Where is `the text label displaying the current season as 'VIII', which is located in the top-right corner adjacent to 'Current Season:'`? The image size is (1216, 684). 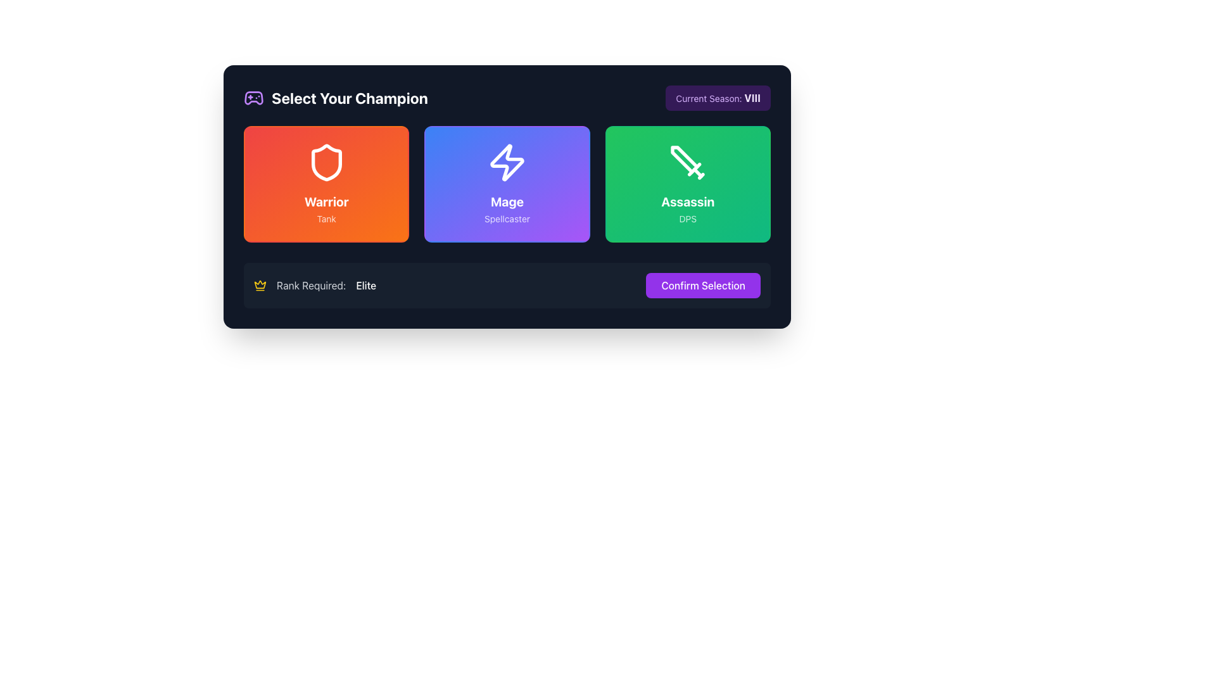
the text label displaying the current season as 'VIII', which is located in the top-right corner adjacent to 'Current Season:' is located at coordinates (752, 97).